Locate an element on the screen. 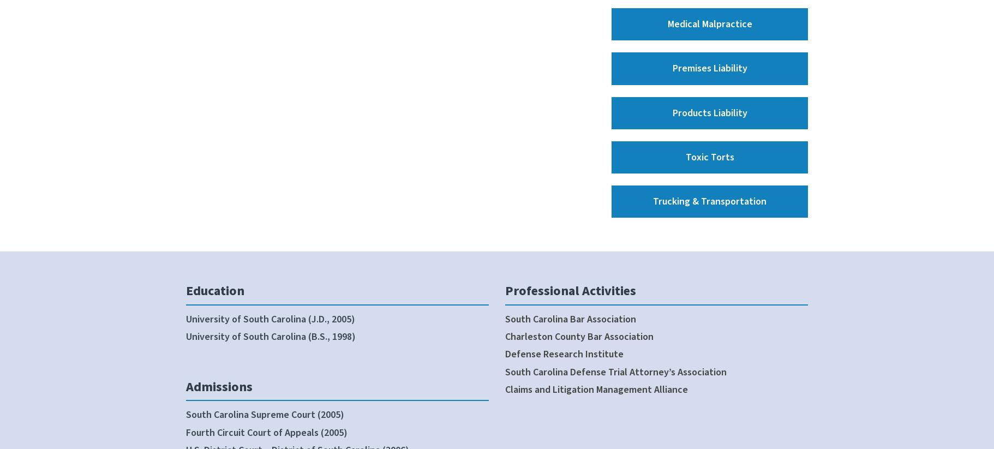 This screenshot has width=994, height=449. 'South Carolina Bar Association' is located at coordinates (504, 319).